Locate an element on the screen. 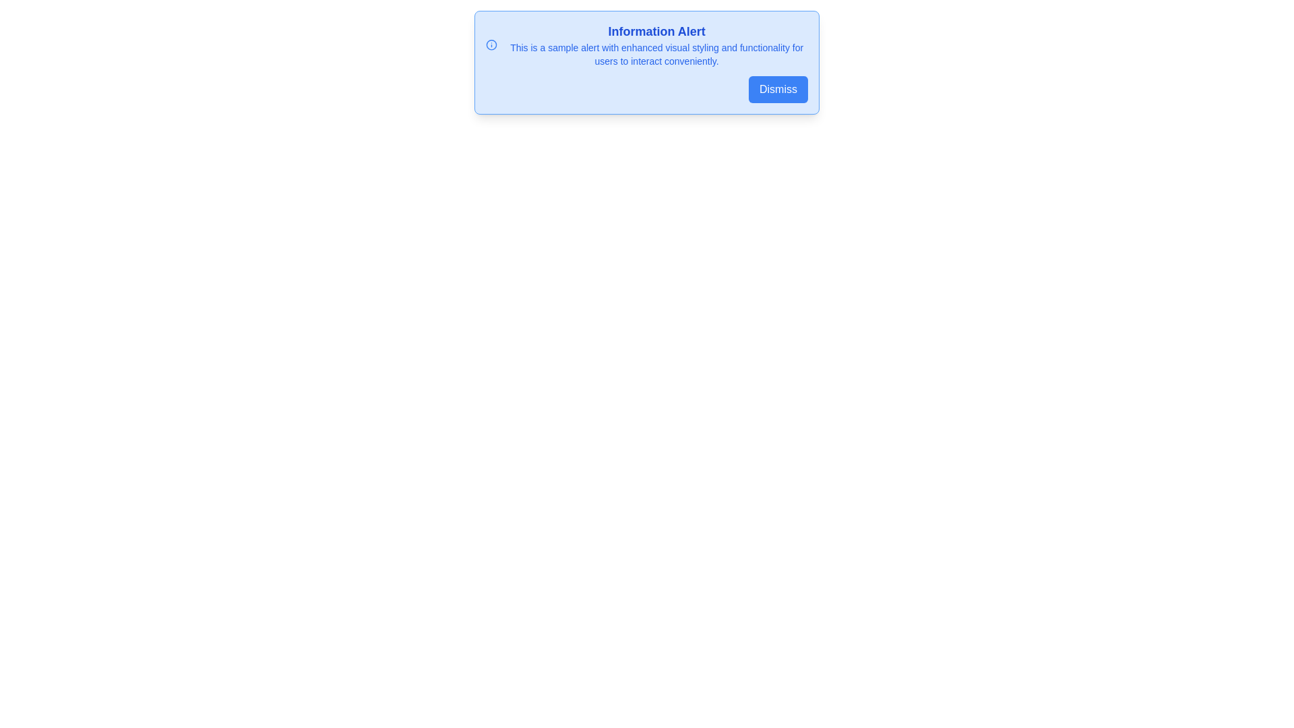 The image size is (1294, 728). the informational alert icon located on the left side of the alert box, adjacent to the heading 'Information Alert' is located at coordinates (491, 44).